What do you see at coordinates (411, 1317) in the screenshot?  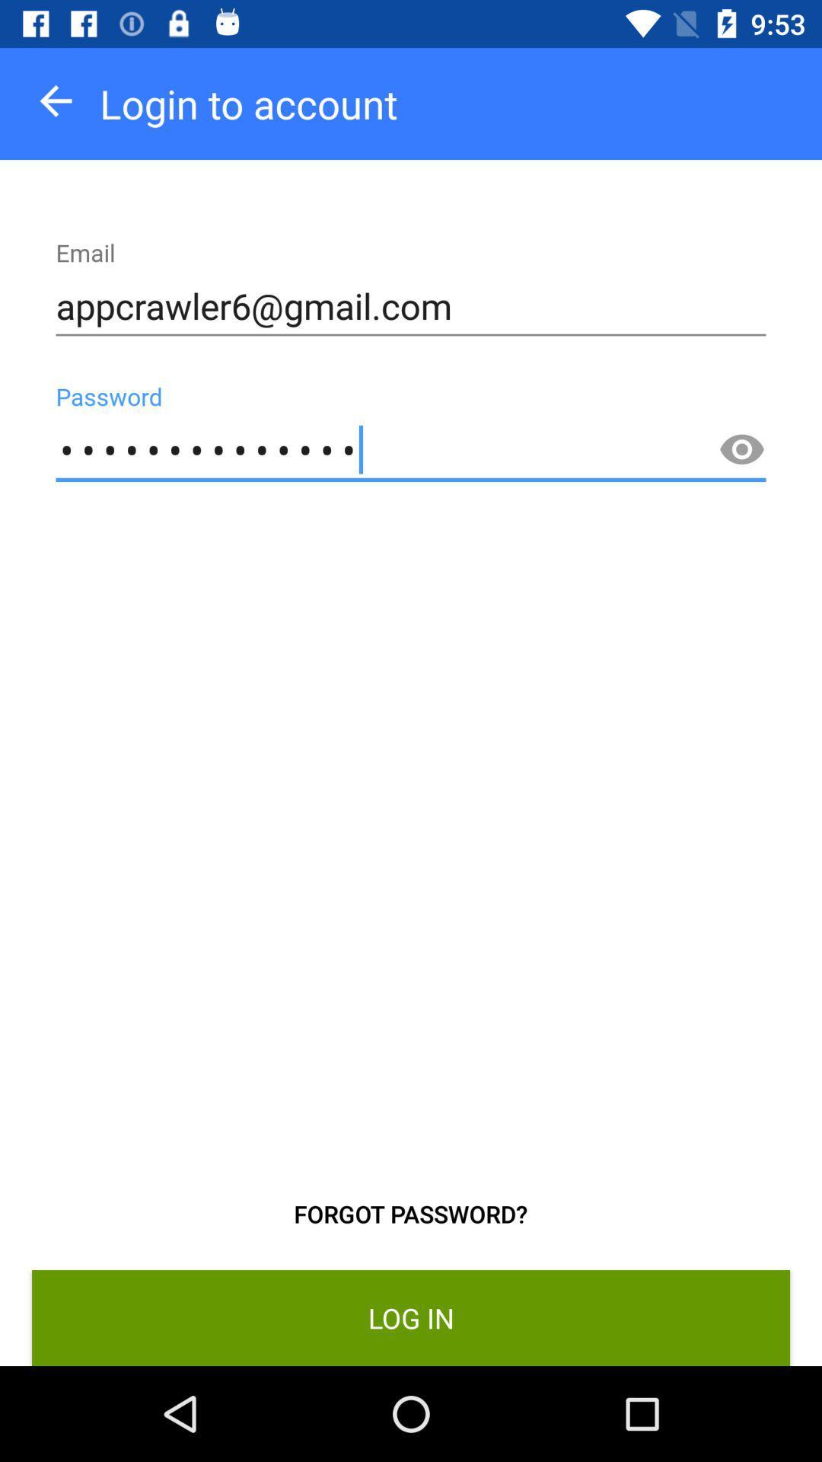 I see `the log in icon` at bounding box center [411, 1317].